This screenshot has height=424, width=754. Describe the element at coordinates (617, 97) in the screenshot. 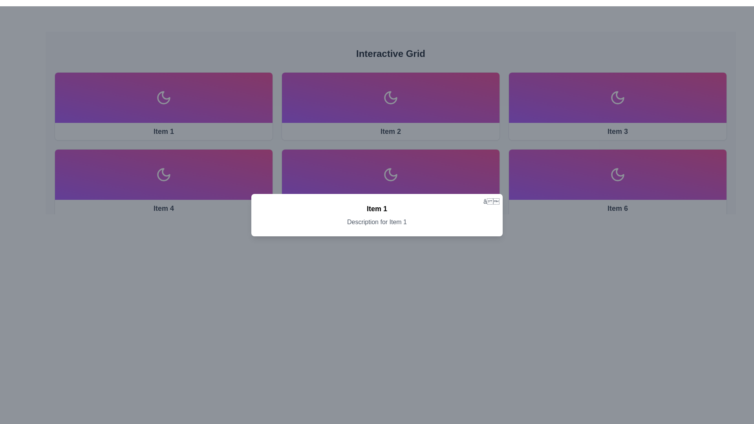

I see `the decorative SVG icon of the crescent moon located in the third card labeled 'Item 3' in the top row of a horizontal grid` at that location.